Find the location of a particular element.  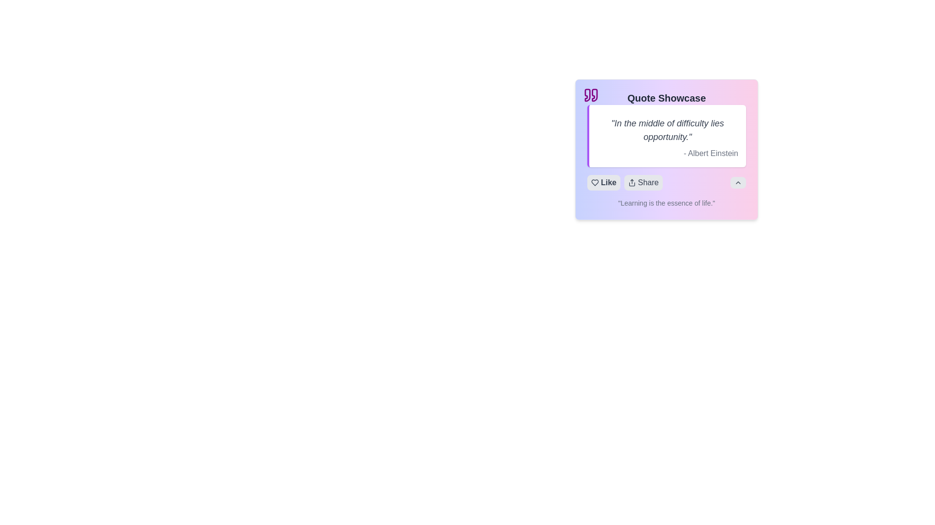

the SVG heart shape icon representing the 'like' or 'favorite' feature is located at coordinates (595, 182).